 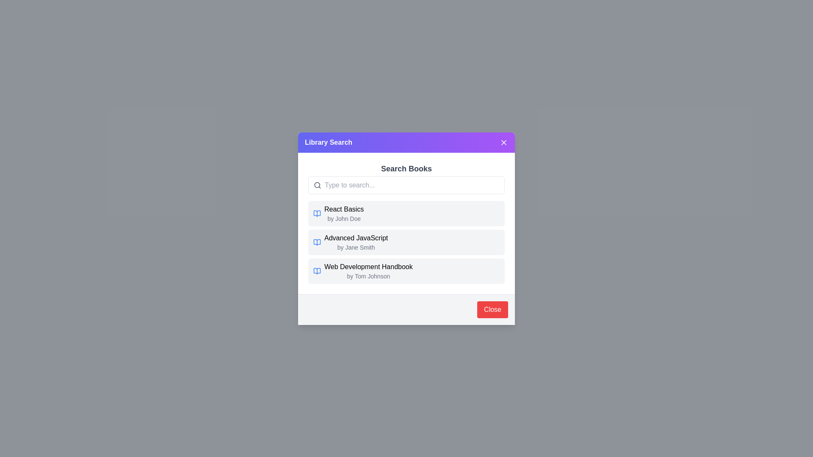 I want to click on the text label that reads 'Advanced JavaScript', so click(x=356, y=238).